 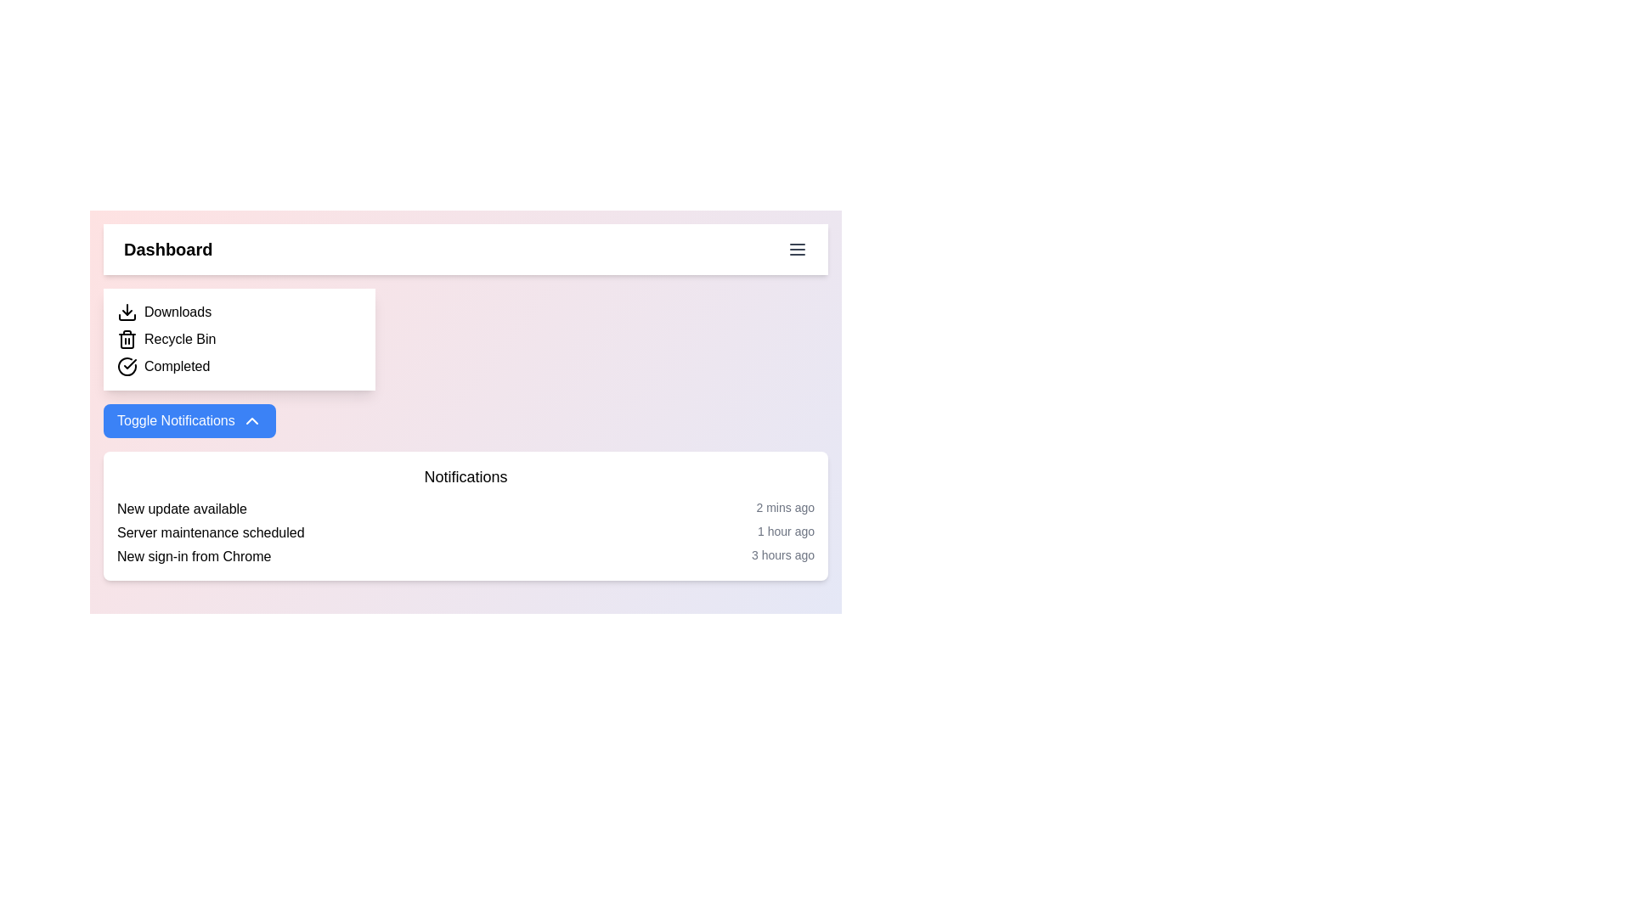 I want to click on the 'Completed' category icon, which is the last item in the vertical list of icons in the left-hand menu, so click(x=126, y=366).